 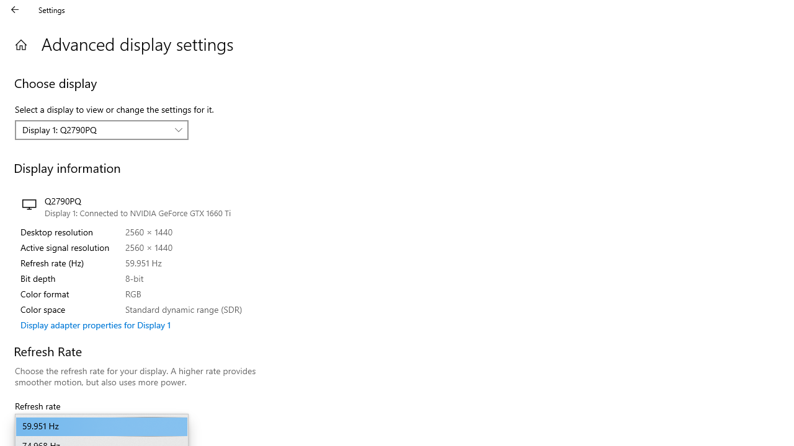 What do you see at coordinates (15, 9) in the screenshot?
I see `'Back'` at bounding box center [15, 9].